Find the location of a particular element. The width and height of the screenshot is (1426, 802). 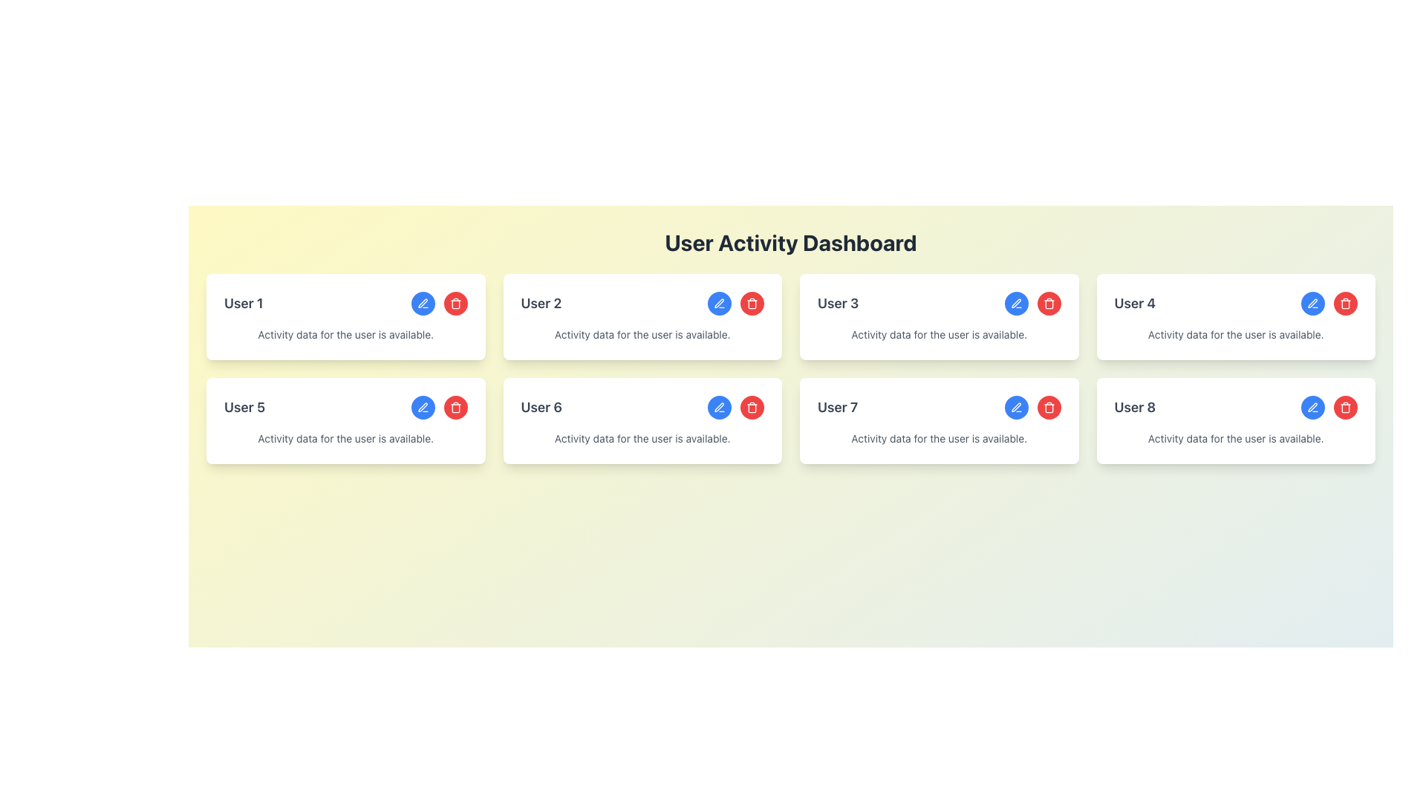

the text label 'User 1' that identifies the respective user associated with the first user card, located at the top-left corner of the grid layout is located at coordinates (244, 302).